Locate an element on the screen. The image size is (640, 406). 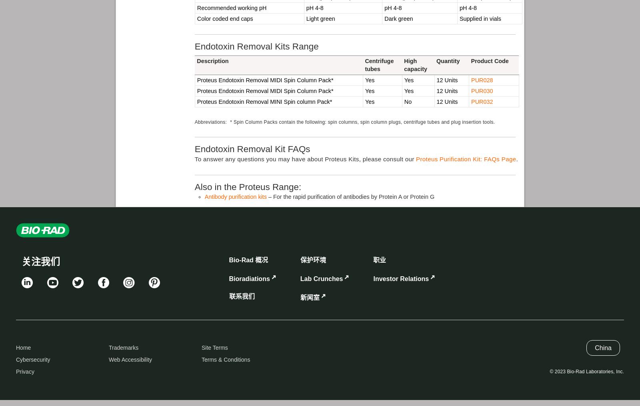
'Lab Crunches' is located at coordinates (321, 278).